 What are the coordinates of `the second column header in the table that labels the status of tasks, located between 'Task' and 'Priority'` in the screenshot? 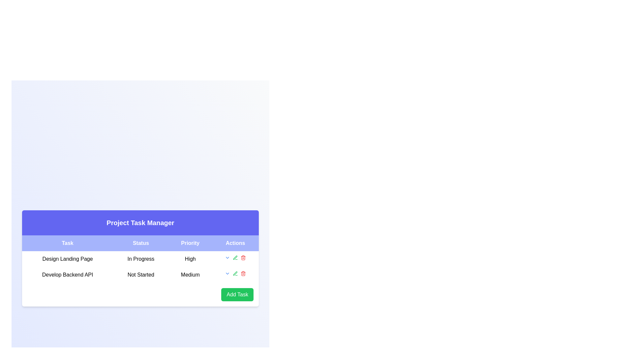 It's located at (140, 243).